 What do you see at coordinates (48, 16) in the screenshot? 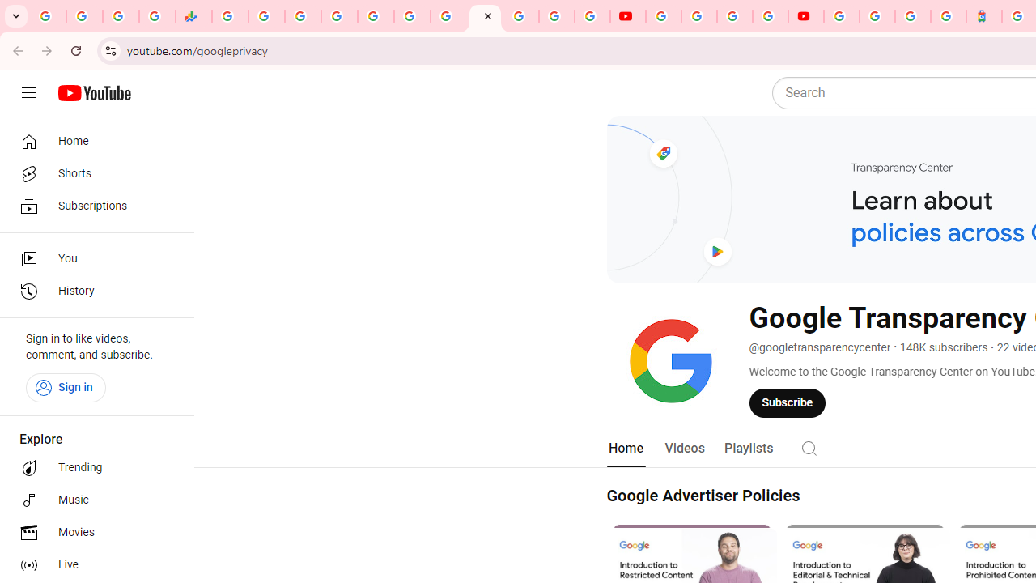
I see `'Google Workspace Admin Community'` at bounding box center [48, 16].